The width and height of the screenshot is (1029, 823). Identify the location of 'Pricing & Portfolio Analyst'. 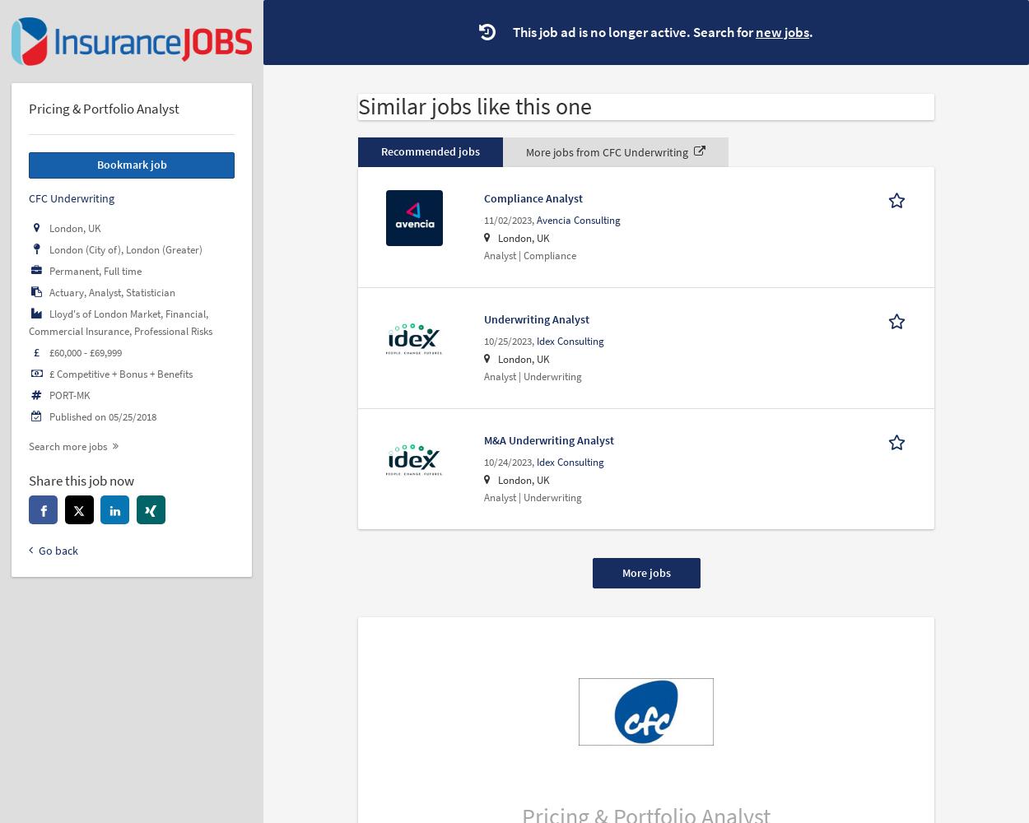
(104, 109).